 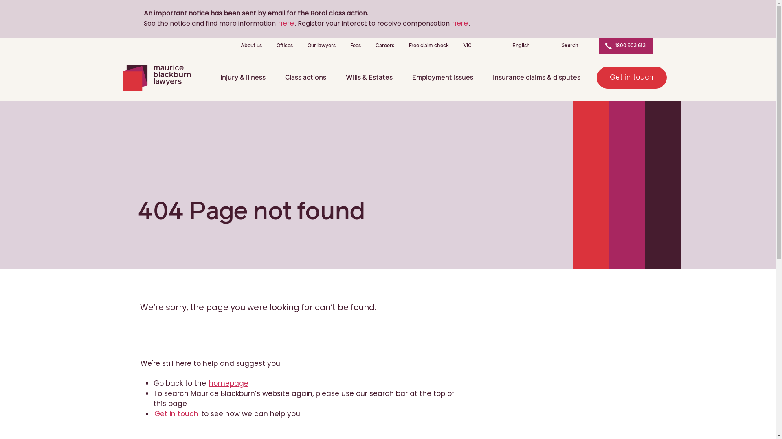 What do you see at coordinates (284, 46) in the screenshot?
I see `'Offices'` at bounding box center [284, 46].